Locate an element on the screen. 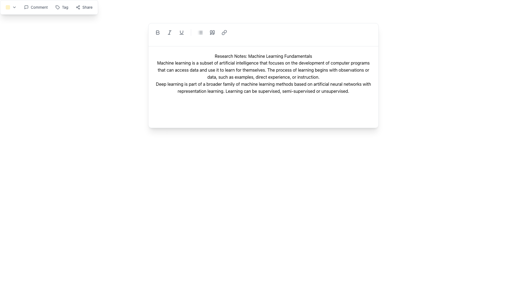 This screenshot has width=522, height=293. the linking icon located at the upper right of the interface is located at coordinates (224, 32).